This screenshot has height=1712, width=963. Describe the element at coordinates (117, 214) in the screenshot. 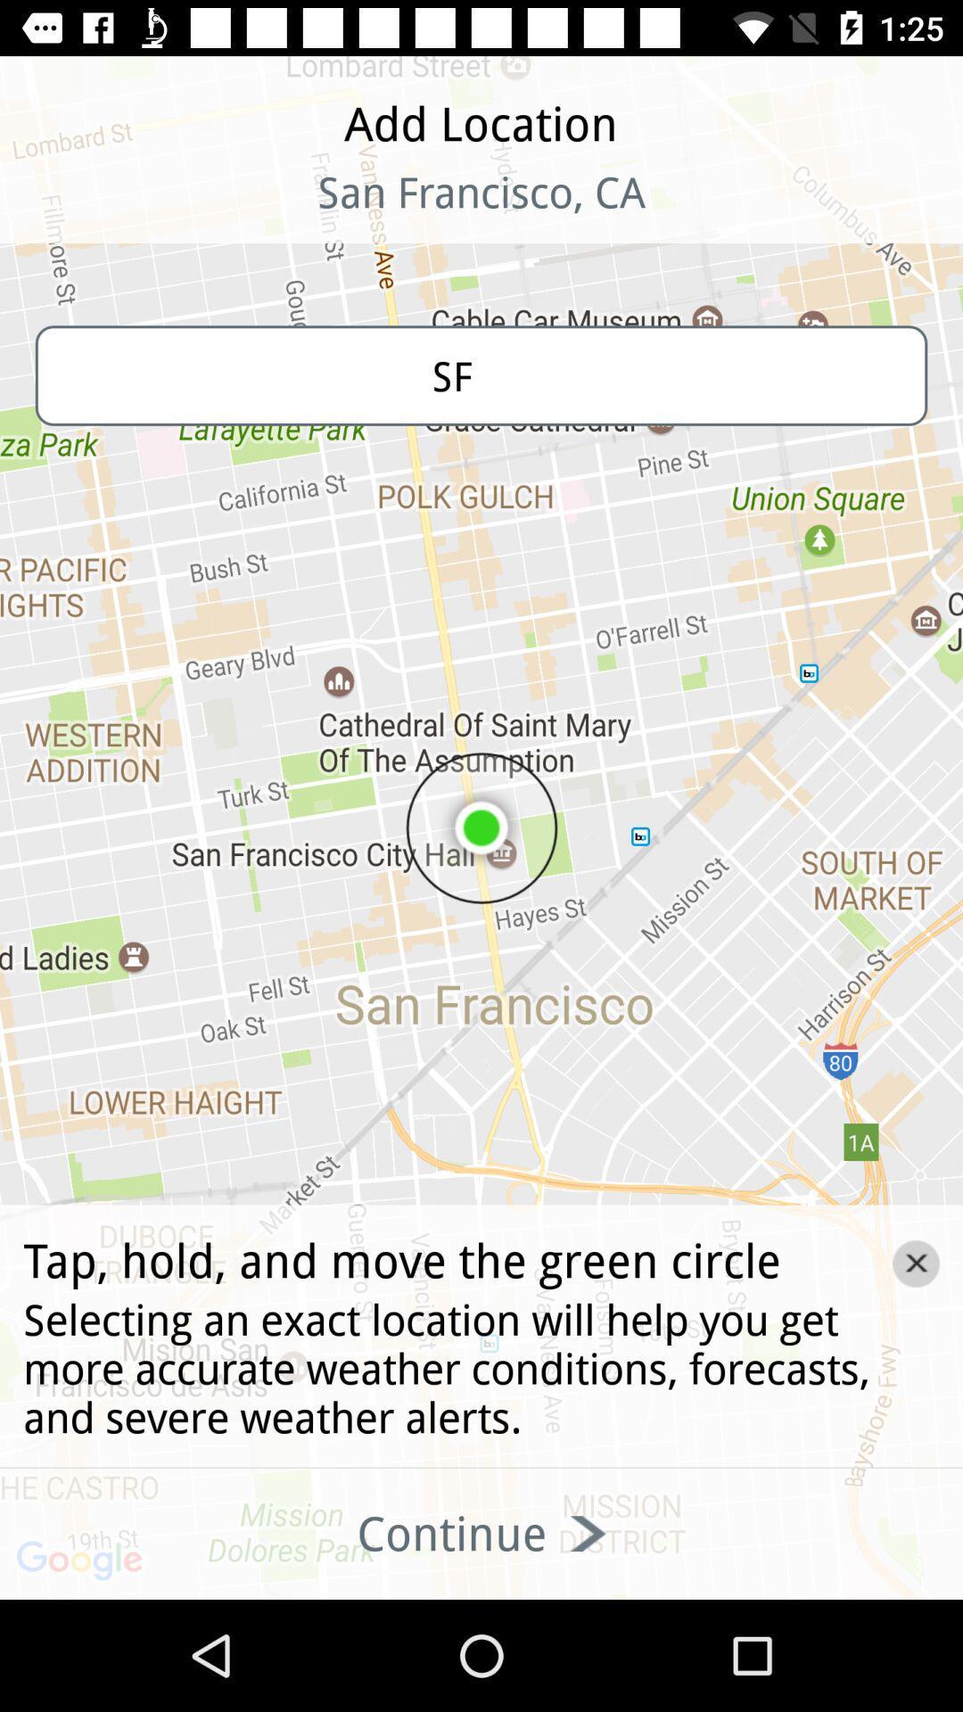

I see `item next to san francisco, ca` at that location.